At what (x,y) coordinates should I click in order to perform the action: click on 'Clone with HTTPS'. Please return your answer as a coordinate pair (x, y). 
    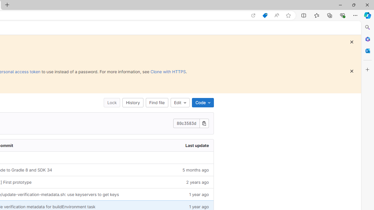
    Looking at the image, I should click on (168, 71).